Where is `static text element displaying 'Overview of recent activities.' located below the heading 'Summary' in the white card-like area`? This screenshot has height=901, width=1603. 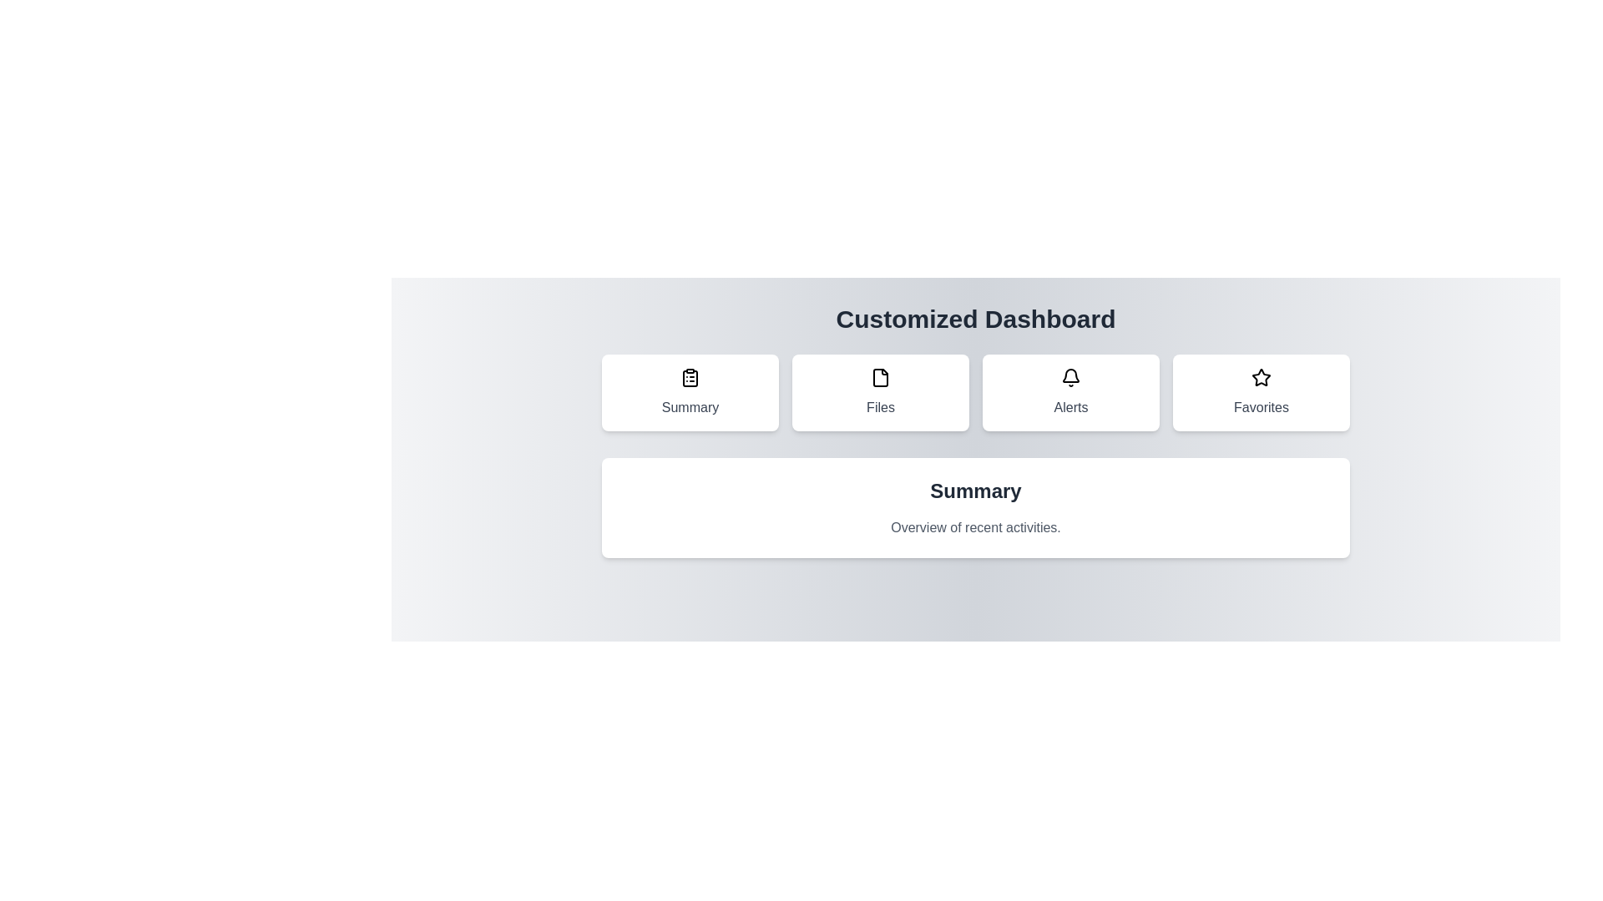 static text element displaying 'Overview of recent activities.' located below the heading 'Summary' in the white card-like area is located at coordinates (976, 527).